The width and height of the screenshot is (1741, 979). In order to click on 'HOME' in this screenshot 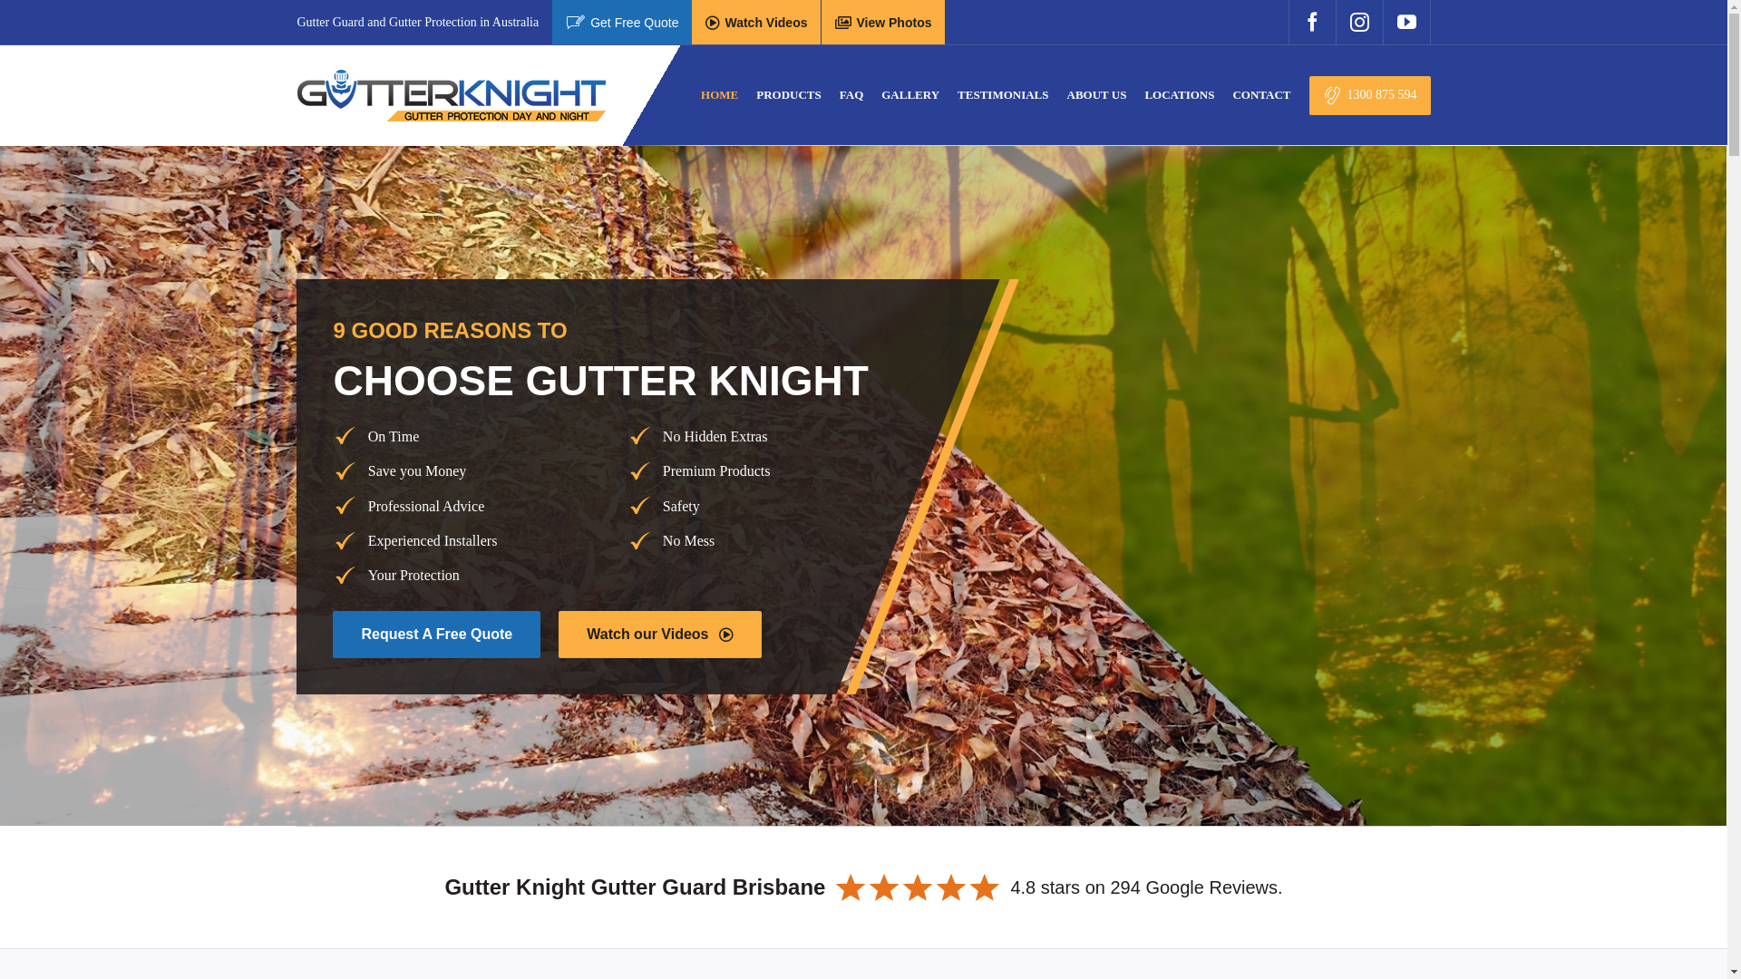, I will do `click(718, 94)`.